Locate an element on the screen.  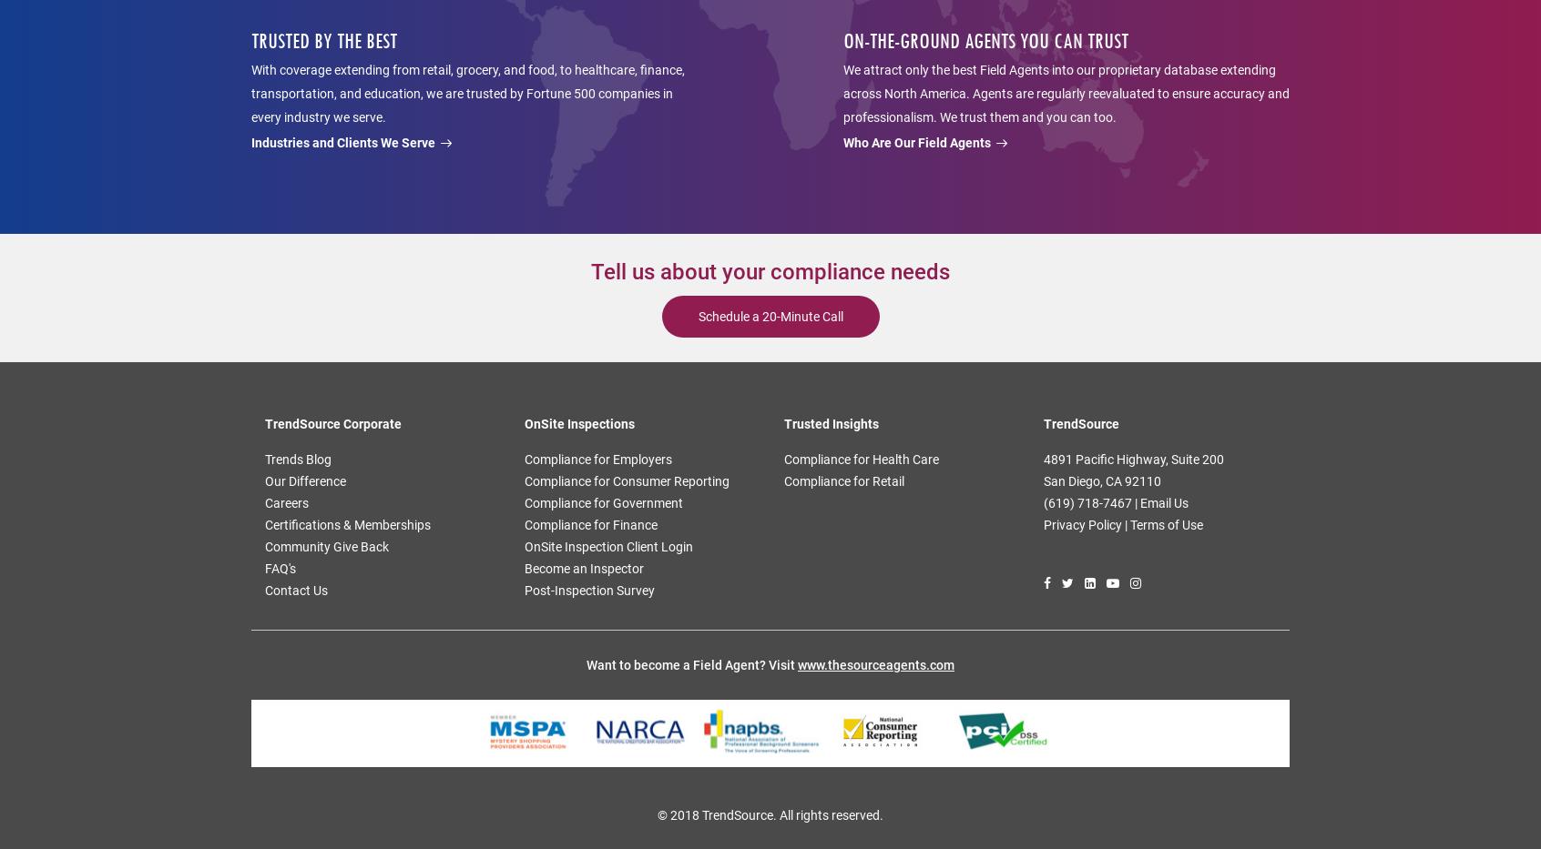
'Compliance for Health Care' is located at coordinates (783, 460).